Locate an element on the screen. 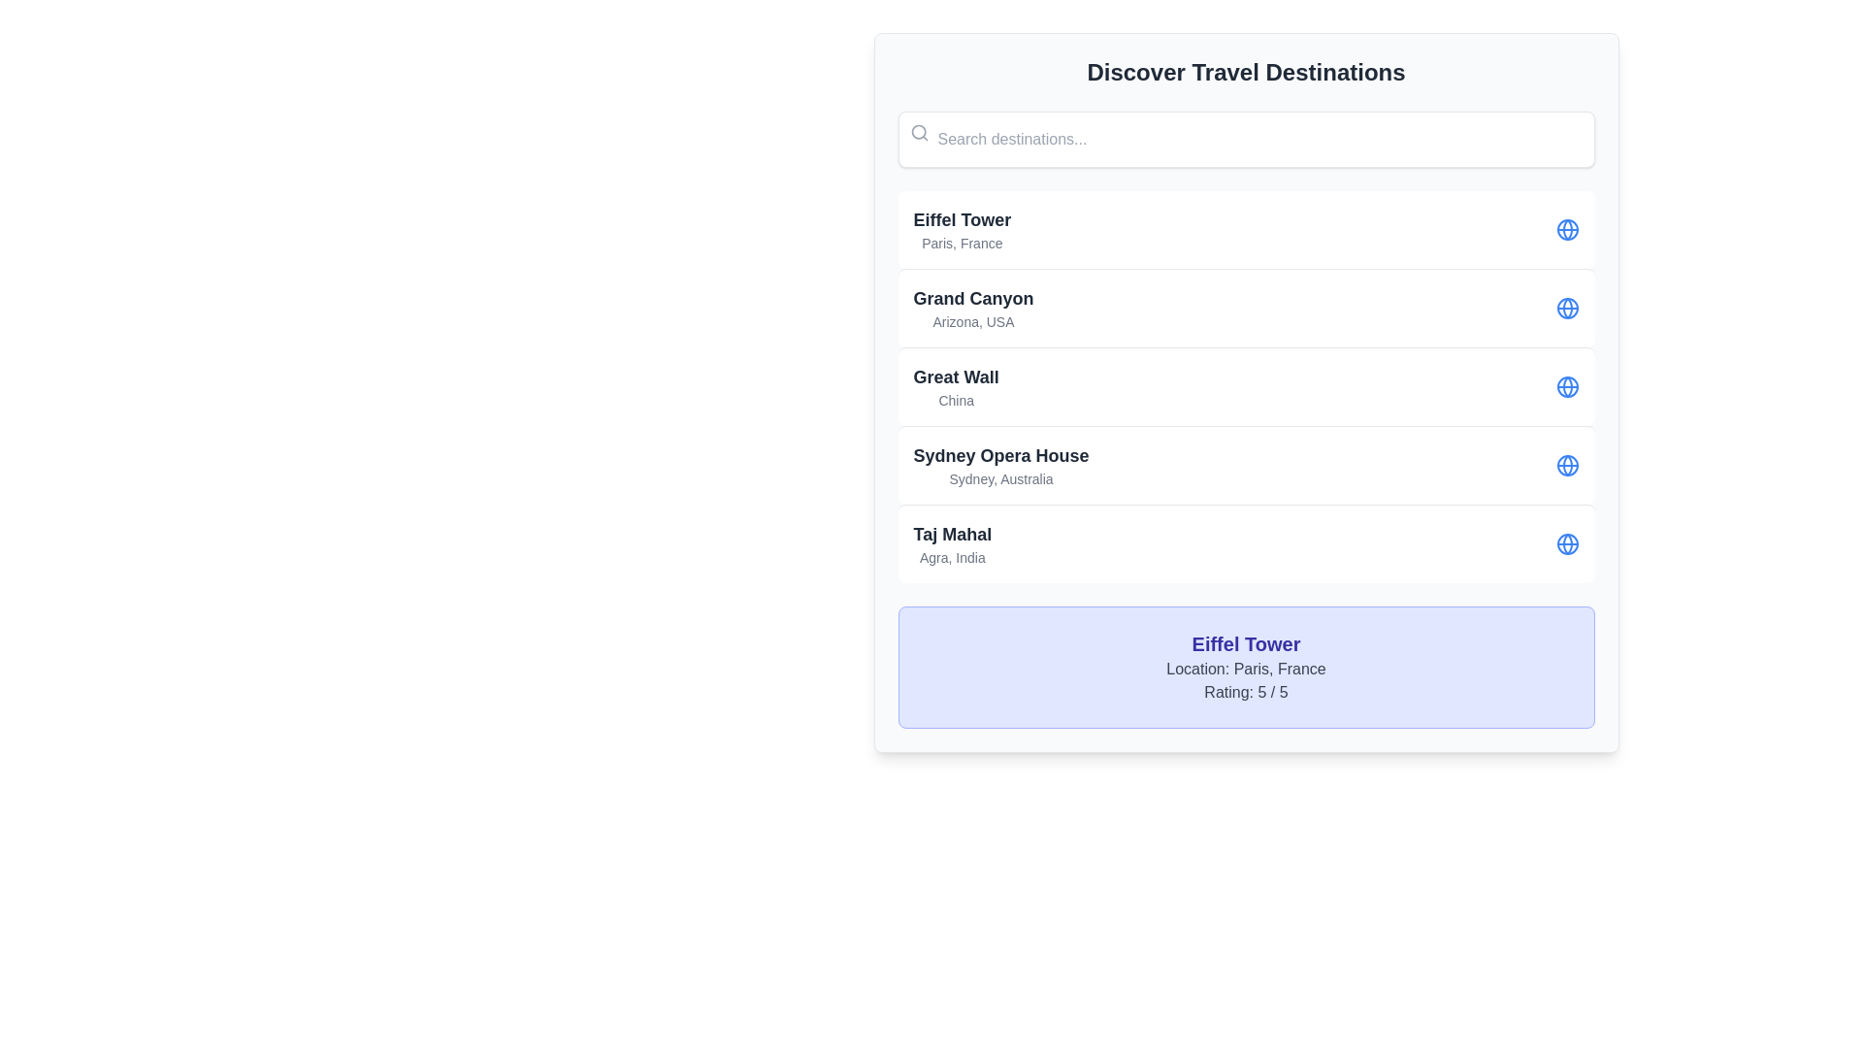 Image resolution: width=1863 pixels, height=1048 pixels. the text label displaying 'Rating: 5 / 5' located under the 'Location: Paris, France' within the descriptive card for the Eiffel Tower is located at coordinates (1246, 691).